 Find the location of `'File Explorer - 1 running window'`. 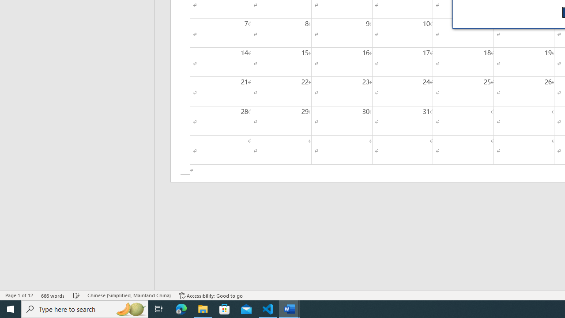

'File Explorer - 1 running window' is located at coordinates (203, 308).